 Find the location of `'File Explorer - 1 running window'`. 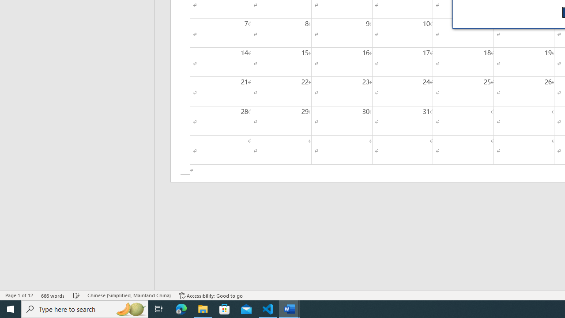

'File Explorer - 1 running window' is located at coordinates (203, 308).